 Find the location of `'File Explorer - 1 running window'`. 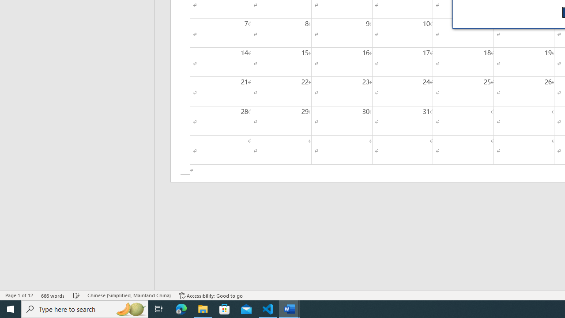

'File Explorer - 1 running window' is located at coordinates (203, 308).